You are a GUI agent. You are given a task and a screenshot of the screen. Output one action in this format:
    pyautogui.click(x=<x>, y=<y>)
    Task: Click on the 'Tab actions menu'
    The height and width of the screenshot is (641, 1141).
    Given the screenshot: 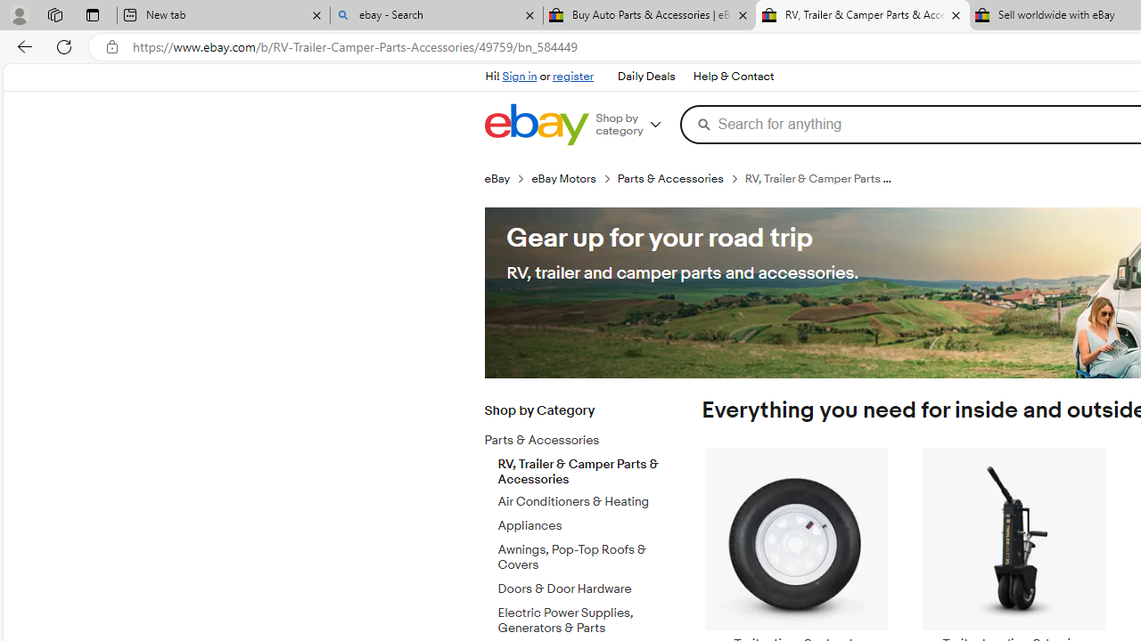 What is the action you would take?
    pyautogui.click(x=92, y=14)
    